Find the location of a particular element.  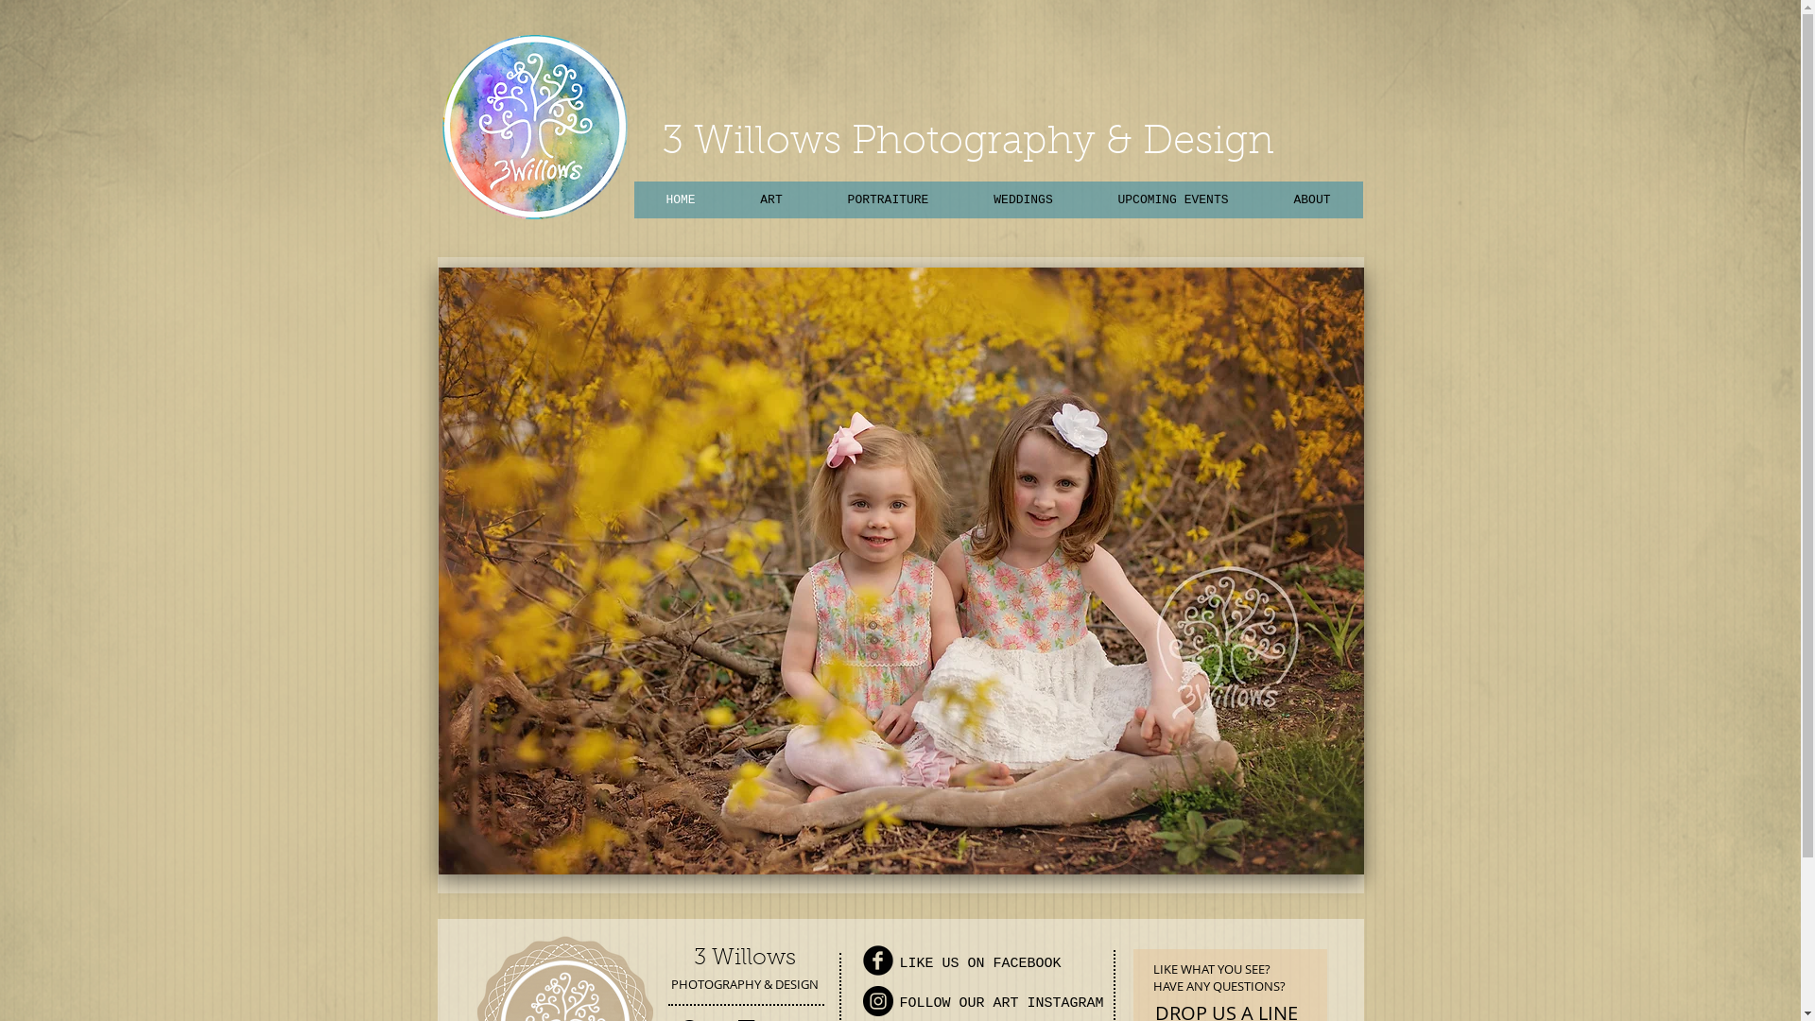

'PORTRAITURE' is located at coordinates (887, 199).